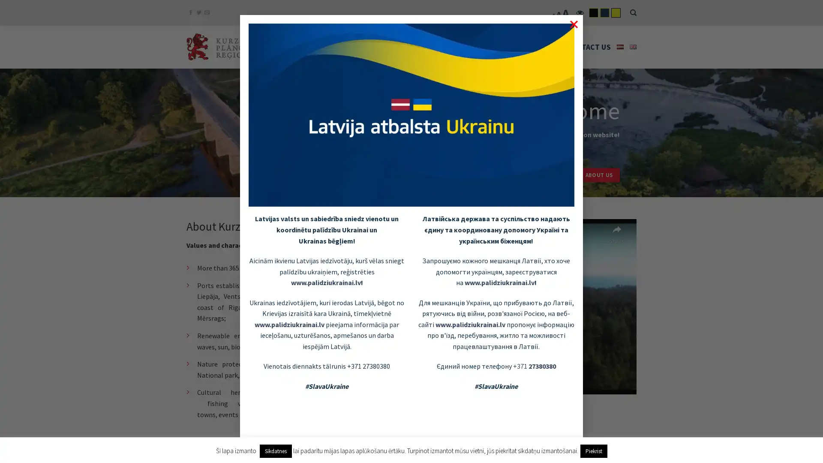 This screenshot has width=823, height=463. Describe the element at coordinates (593, 12) in the screenshot. I see `flatsome-black` at that location.